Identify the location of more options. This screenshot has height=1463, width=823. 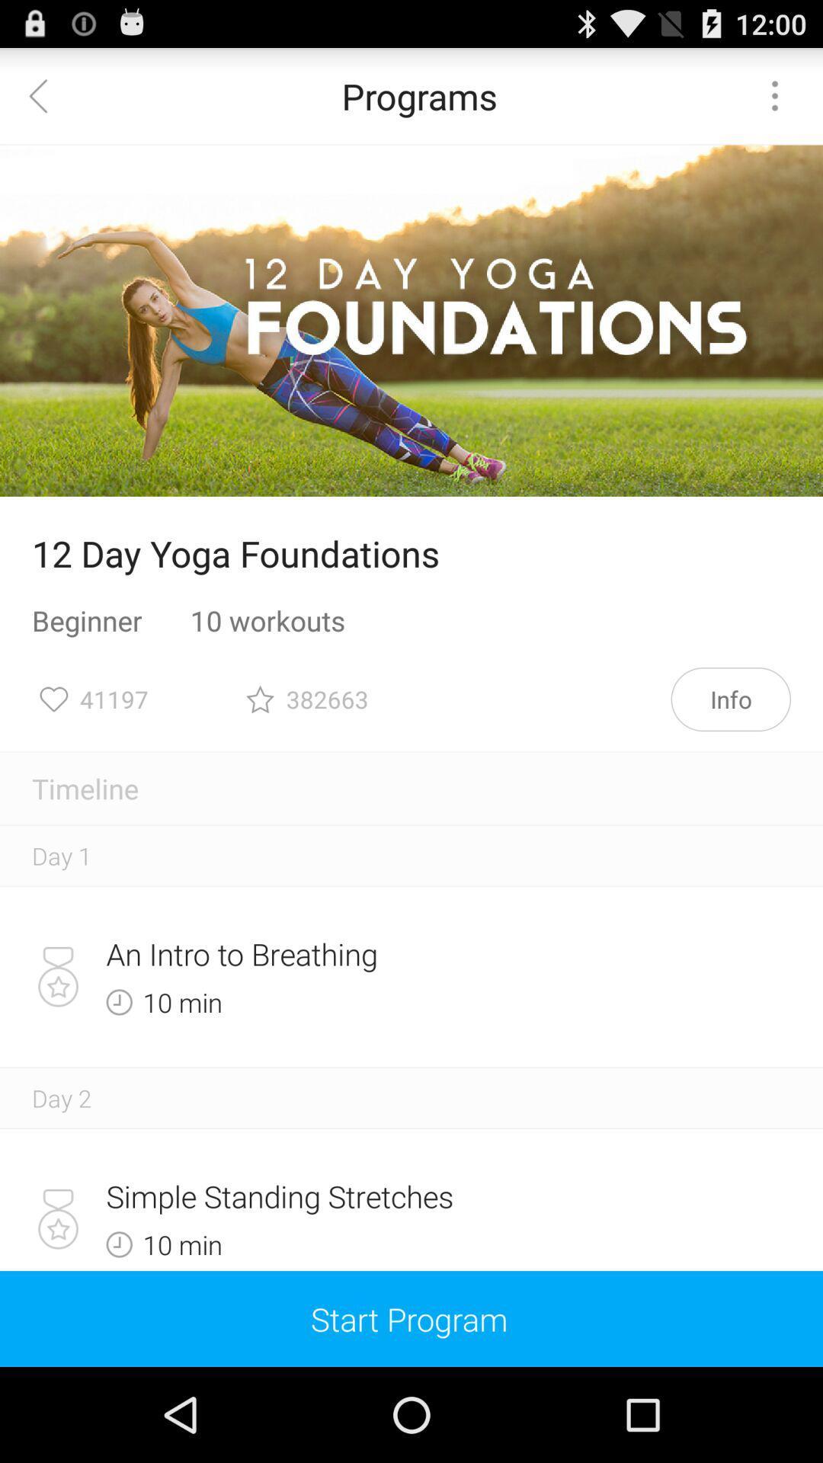
(775, 94).